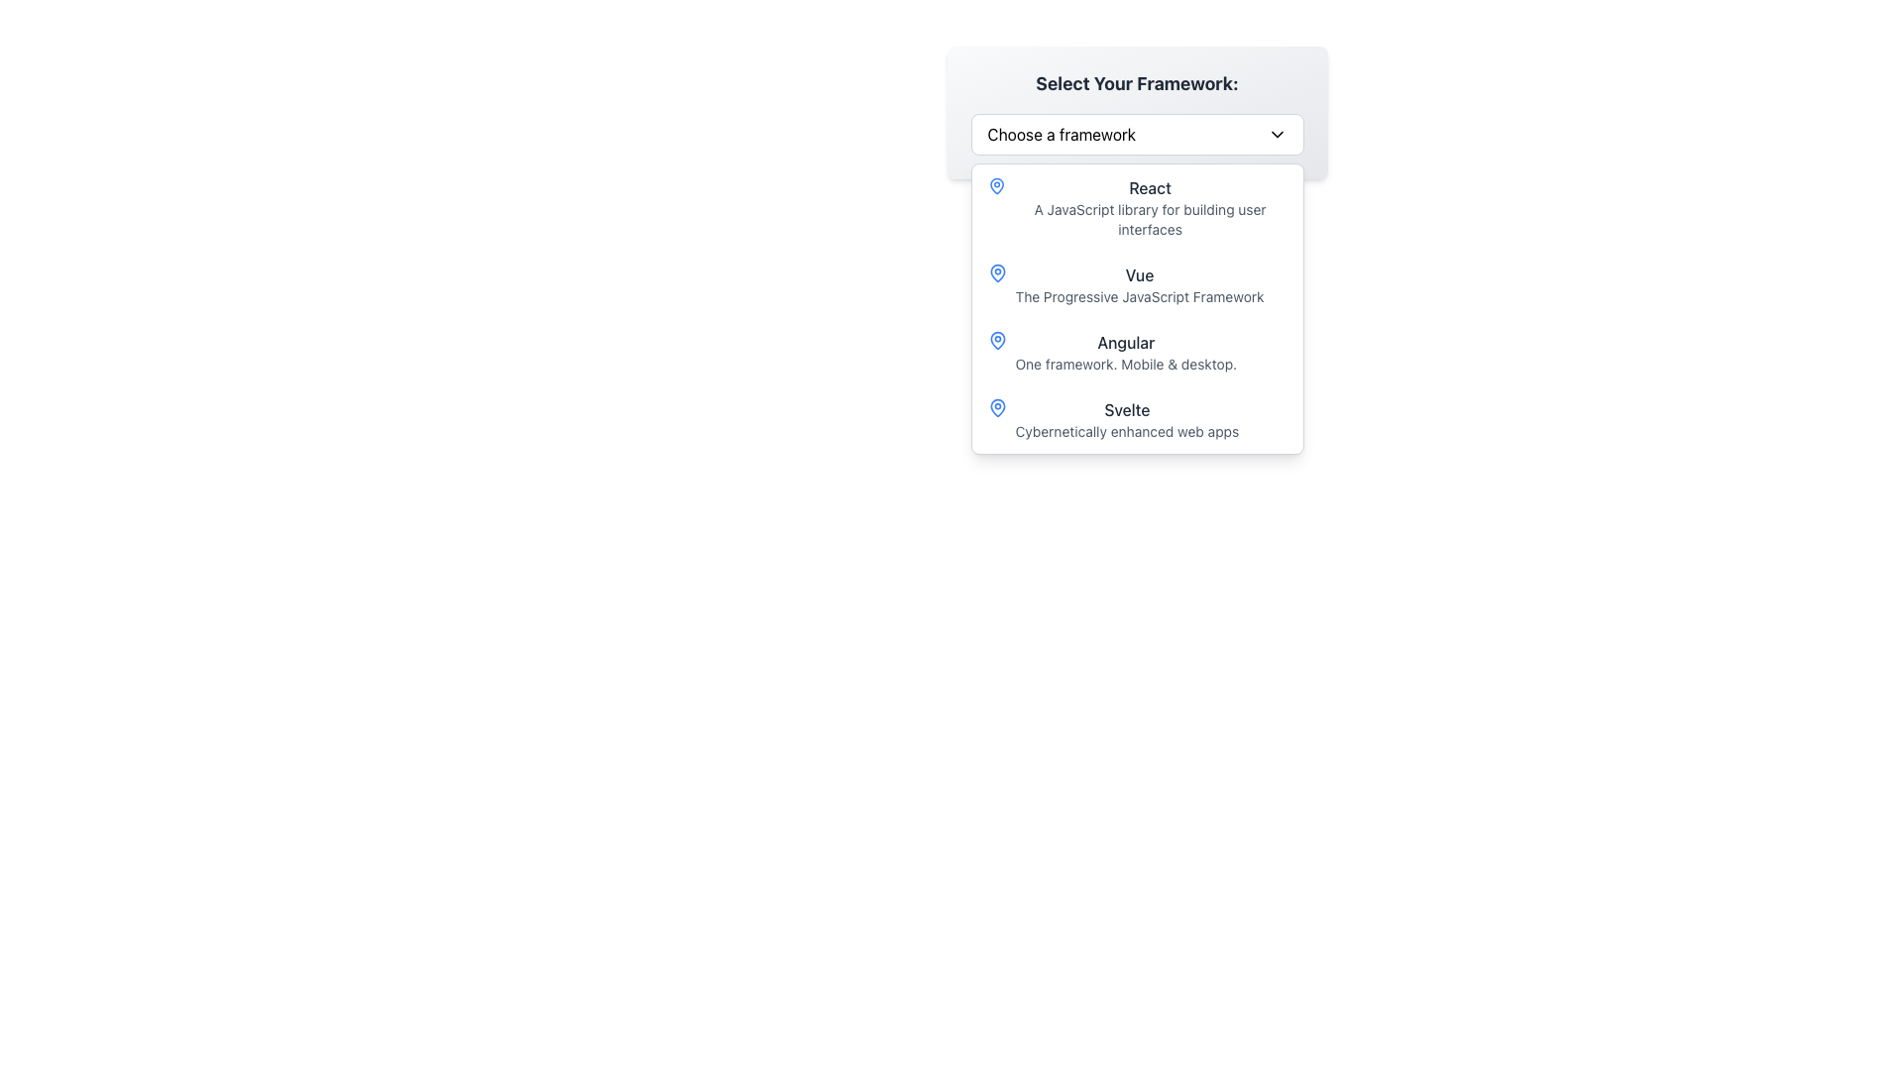  I want to click on the blue map pin icon located at the start of the first item in the dropdown menu preceding the text 'React' by clicking on the associated menu item, so click(996, 186).